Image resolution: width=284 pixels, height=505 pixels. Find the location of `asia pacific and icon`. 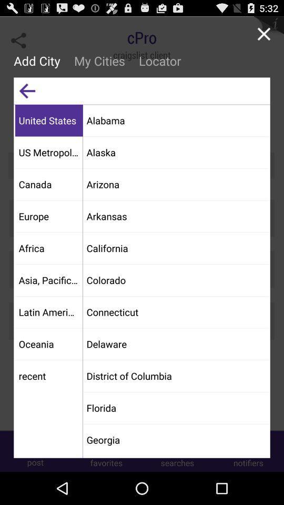

asia pacific and icon is located at coordinates (48, 279).